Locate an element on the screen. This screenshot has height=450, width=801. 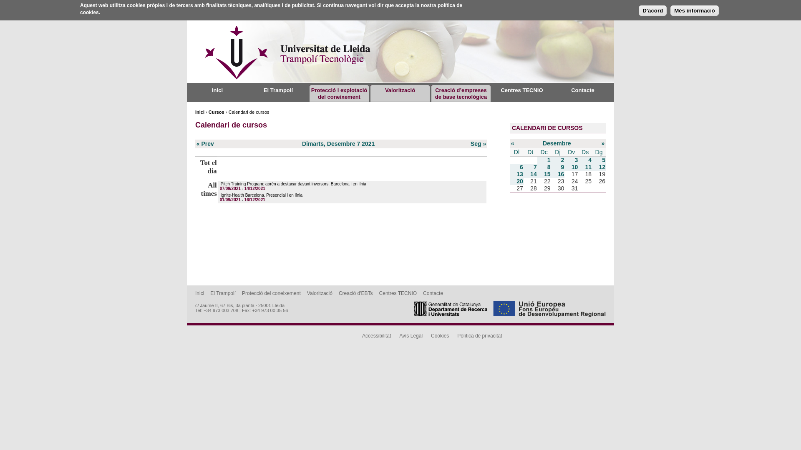
'Cursos' is located at coordinates (216, 112).